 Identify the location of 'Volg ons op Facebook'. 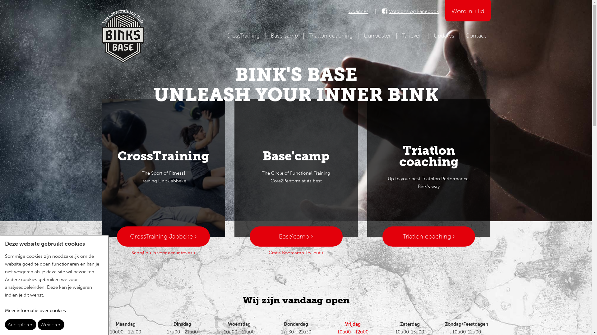
(415, 9).